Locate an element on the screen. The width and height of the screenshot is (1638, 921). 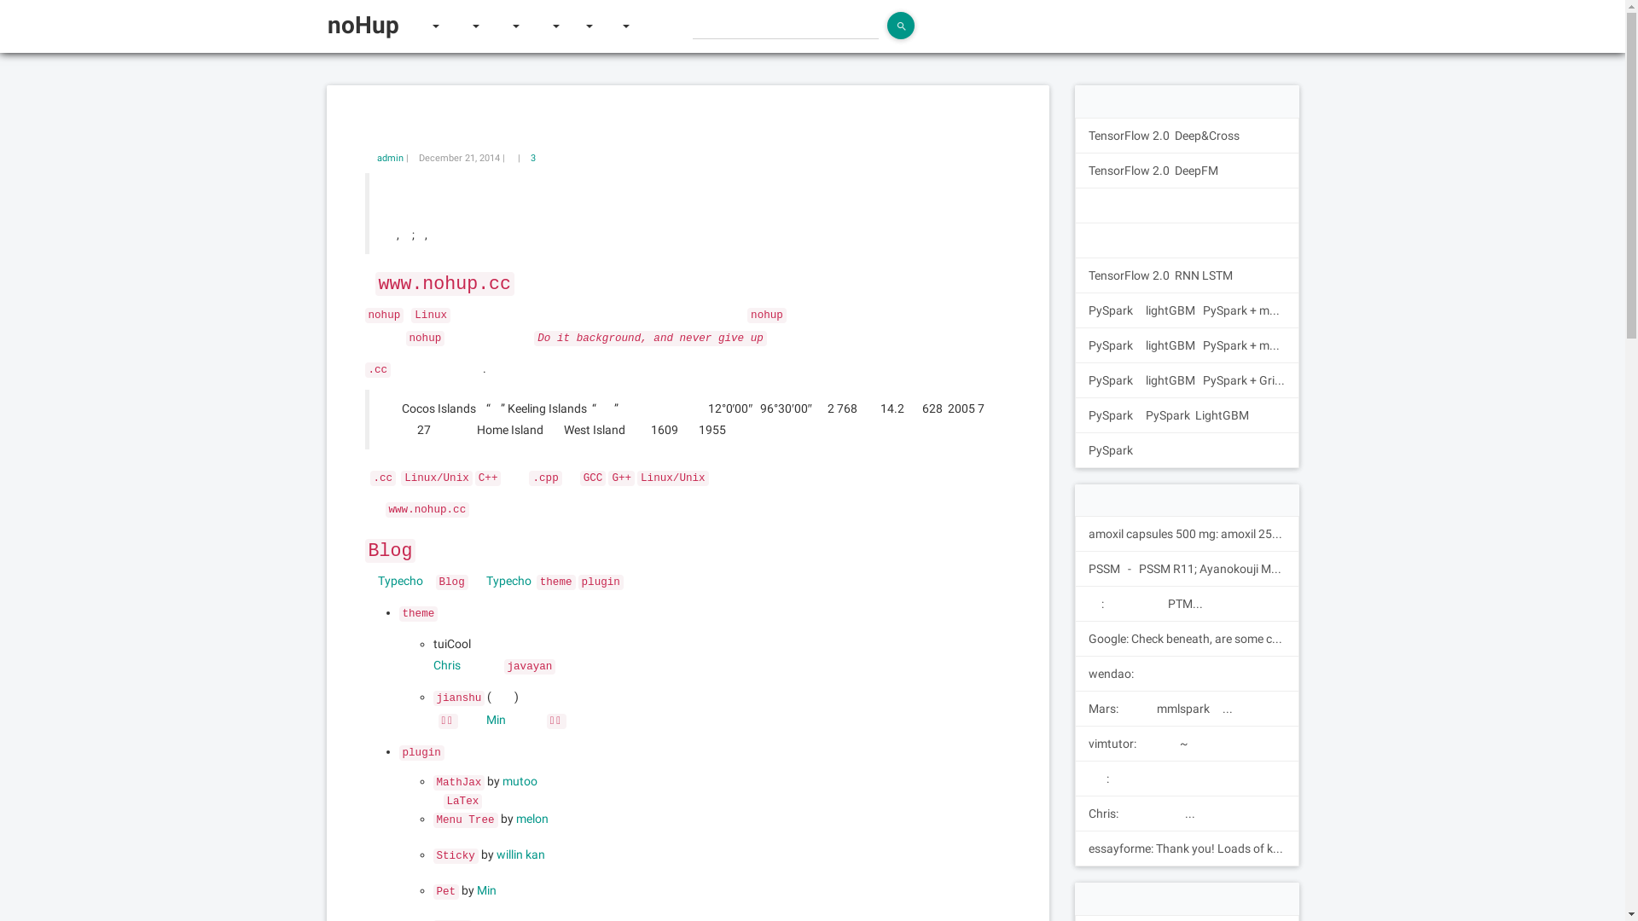
'essayforme: Thank you! Loads of knowledge!' is located at coordinates (1186, 849).